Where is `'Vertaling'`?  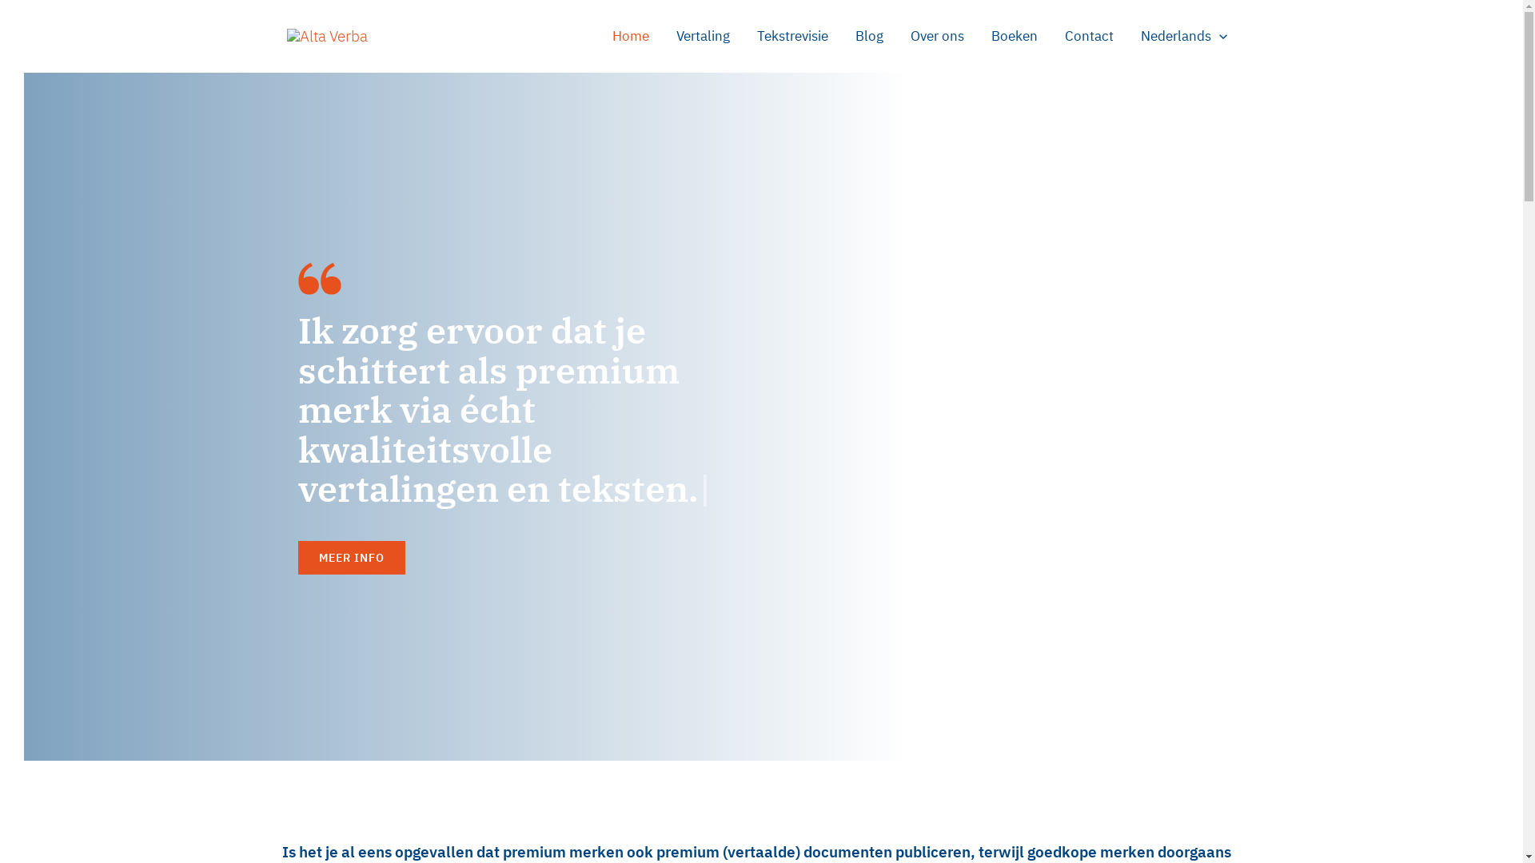
'Vertaling' is located at coordinates (703, 36).